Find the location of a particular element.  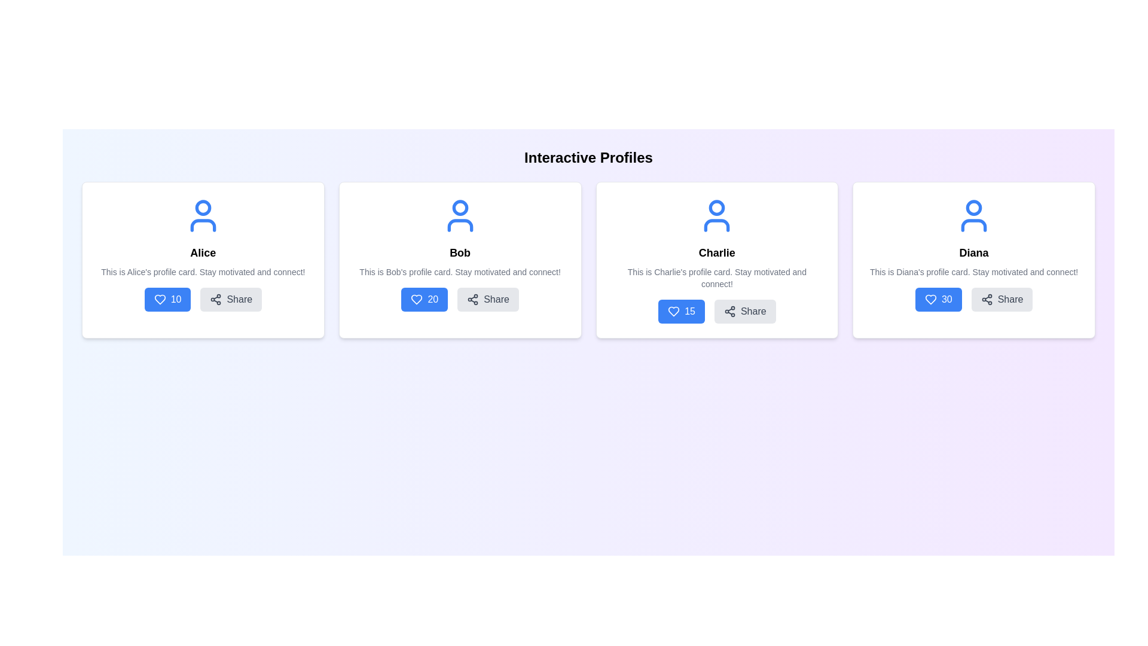

the decorative icon representing a person within the avatar icon of the profile card labeled 'Charlie', which is centrally located above the 'Charlie' heading is located at coordinates (717, 226).